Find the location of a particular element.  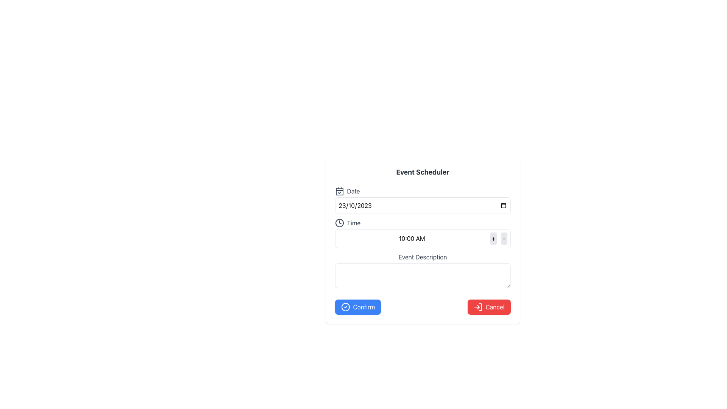

the red icon with an arrow pointing towards a door, which is located to the left of the label 'Cancel' within the red button in the bottom-right corner of the form is located at coordinates (477, 307).